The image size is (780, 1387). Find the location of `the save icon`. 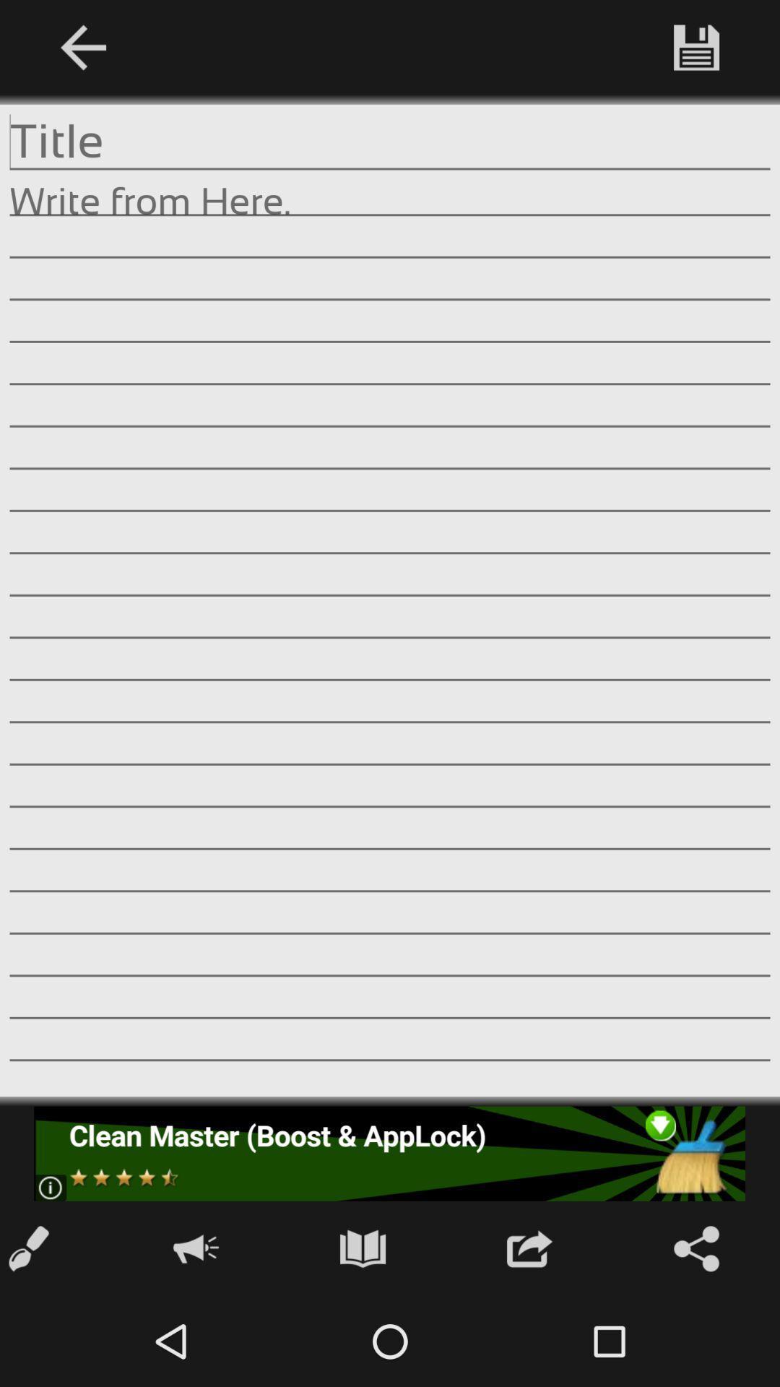

the save icon is located at coordinates (695, 47).